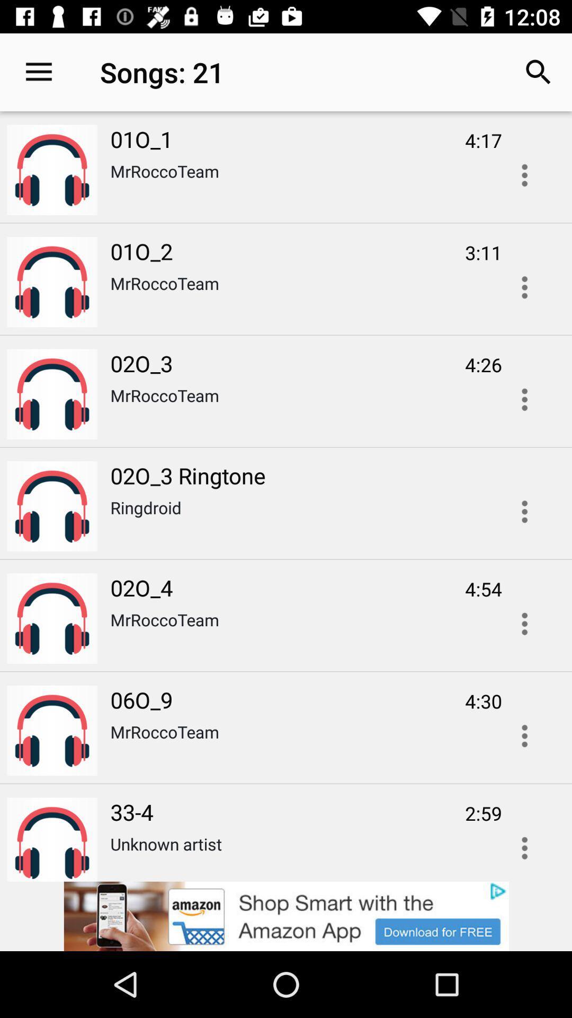  Describe the element at coordinates (524, 512) in the screenshot. I see `open more settings` at that location.